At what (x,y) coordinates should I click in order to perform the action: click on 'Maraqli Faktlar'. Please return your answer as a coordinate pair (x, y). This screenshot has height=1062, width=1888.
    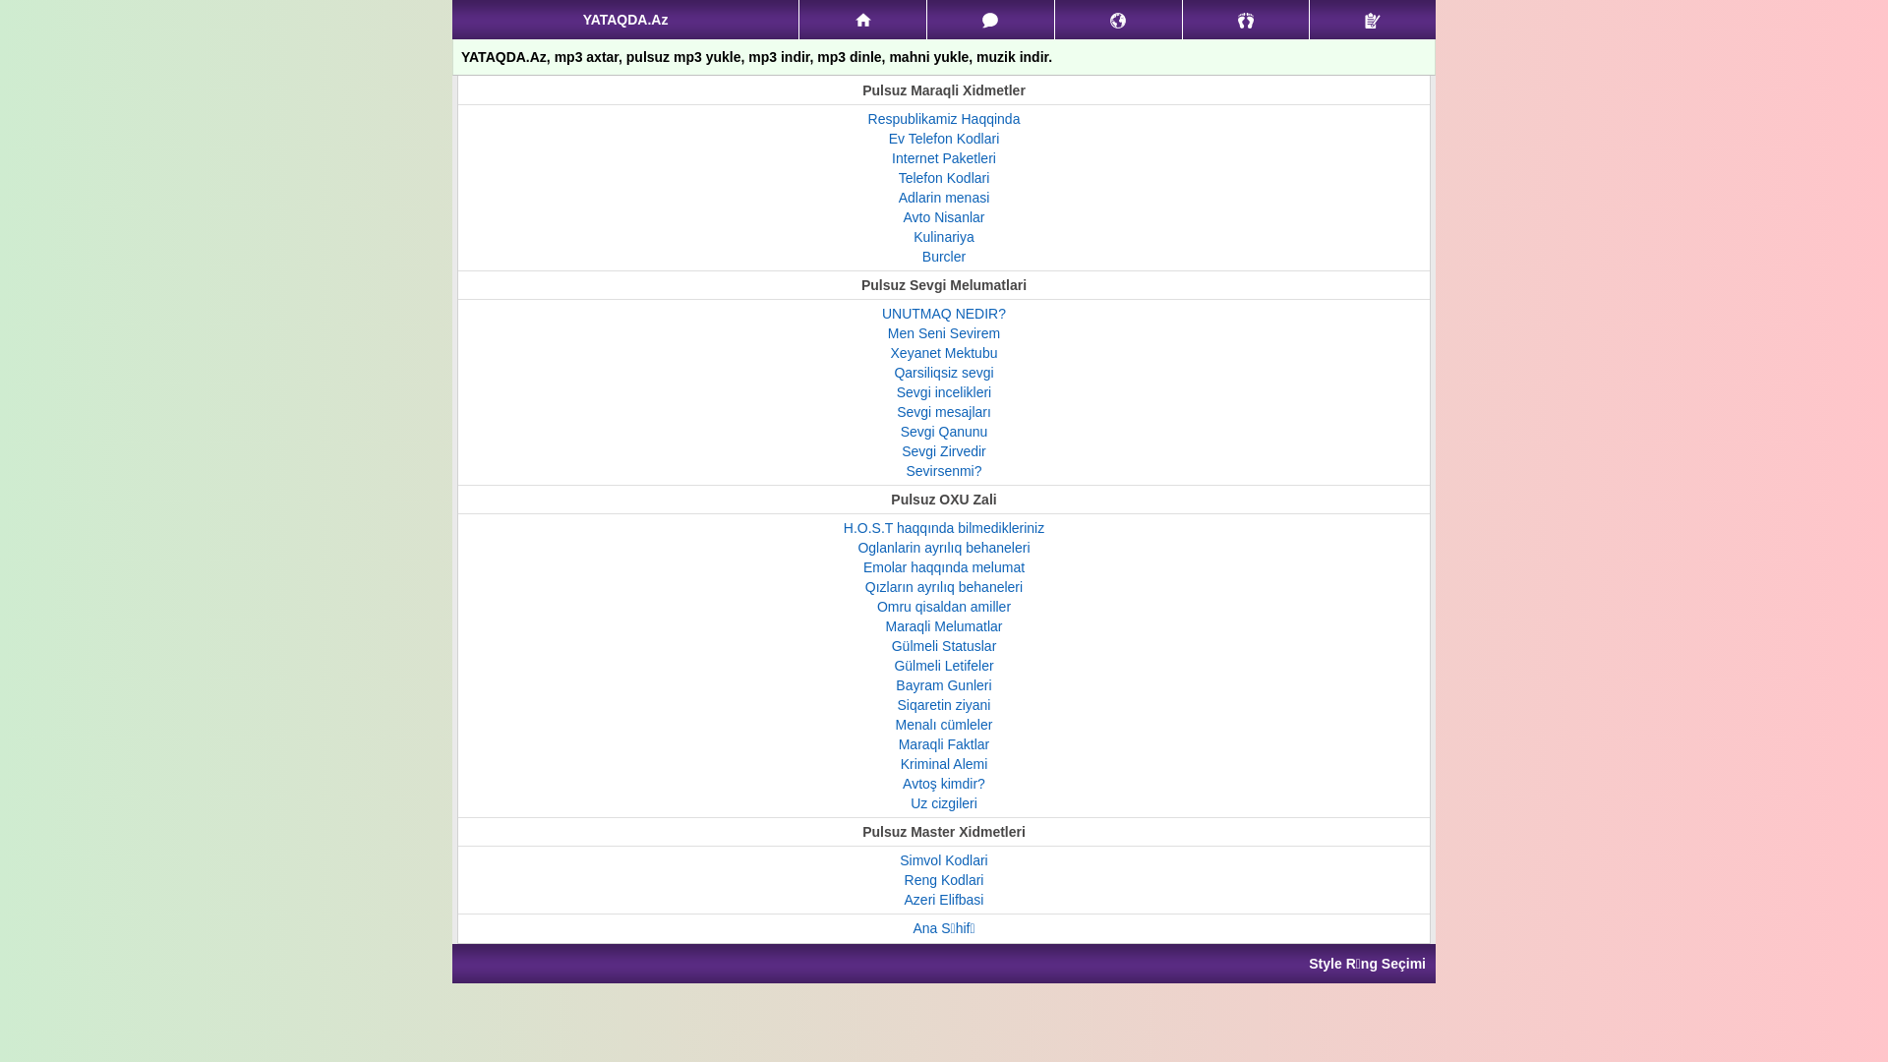
    Looking at the image, I should click on (944, 743).